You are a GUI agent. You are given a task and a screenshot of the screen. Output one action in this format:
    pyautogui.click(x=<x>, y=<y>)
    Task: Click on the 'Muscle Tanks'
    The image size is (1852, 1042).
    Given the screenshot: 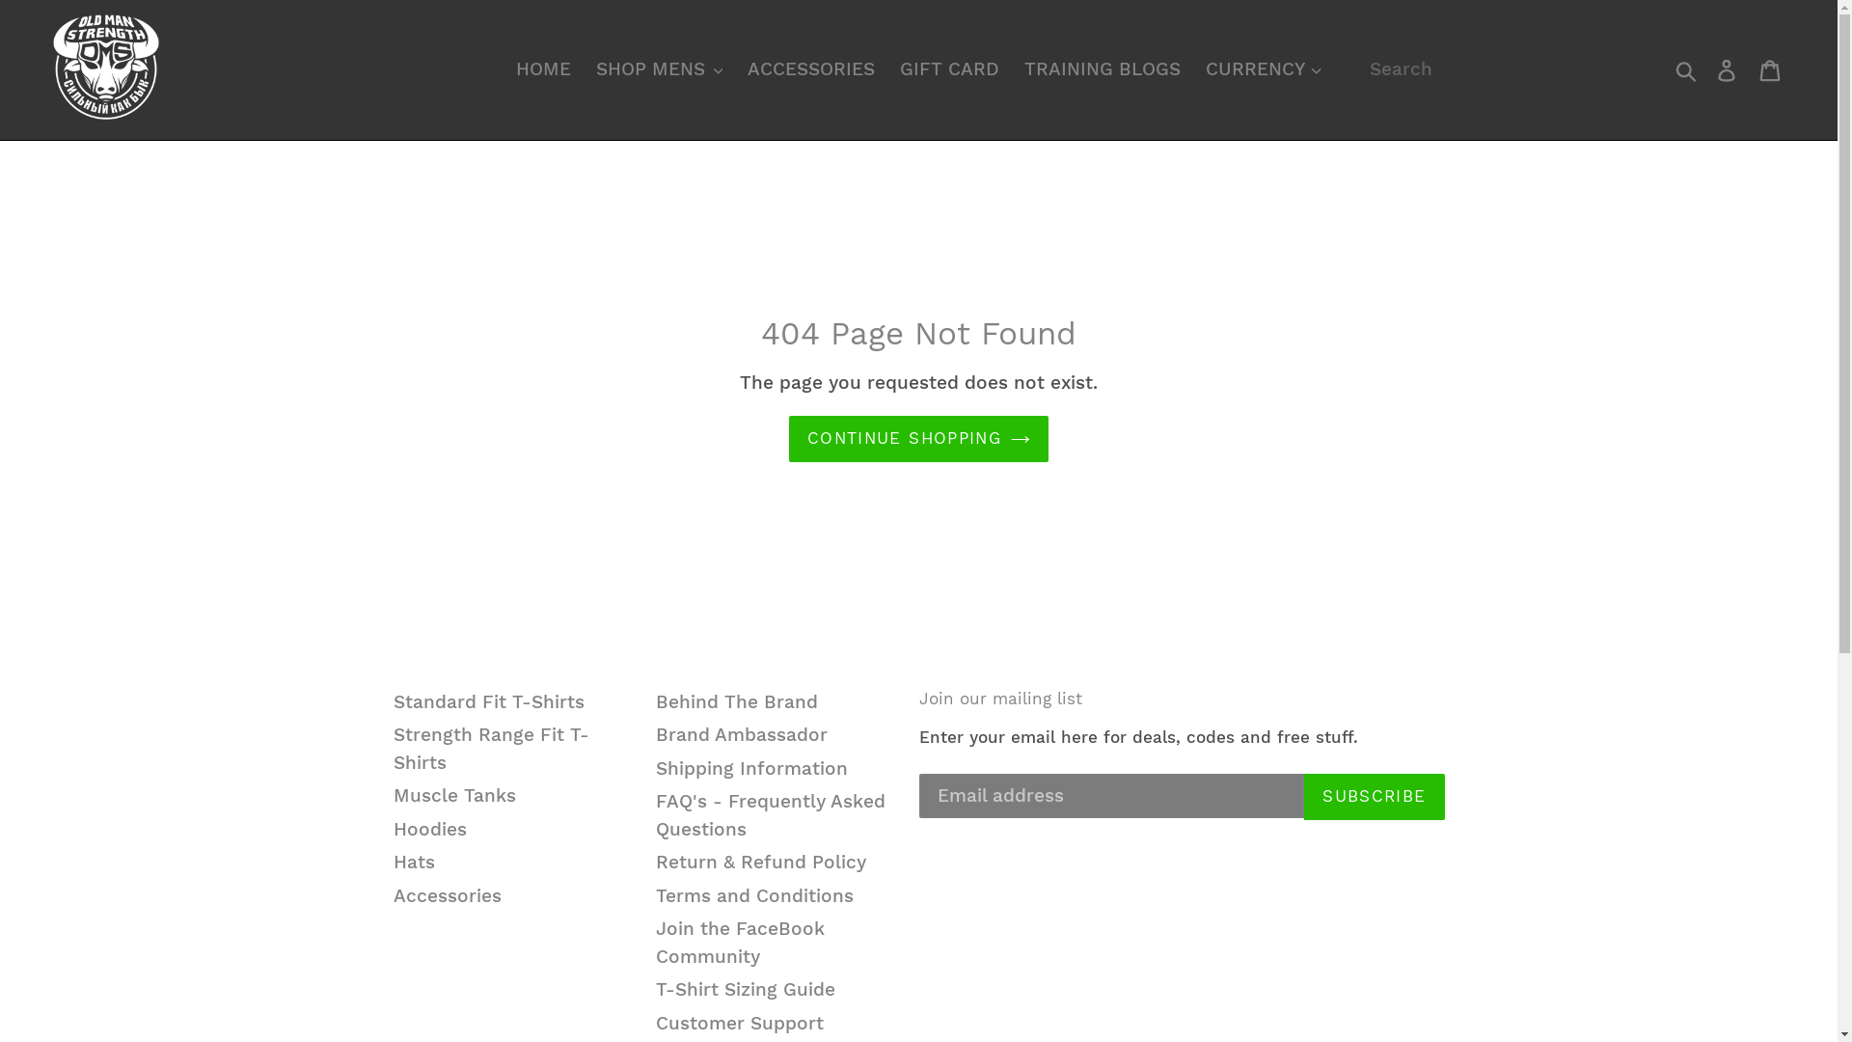 What is the action you would take?
    pyautogui.click(x=393, y=795)
    